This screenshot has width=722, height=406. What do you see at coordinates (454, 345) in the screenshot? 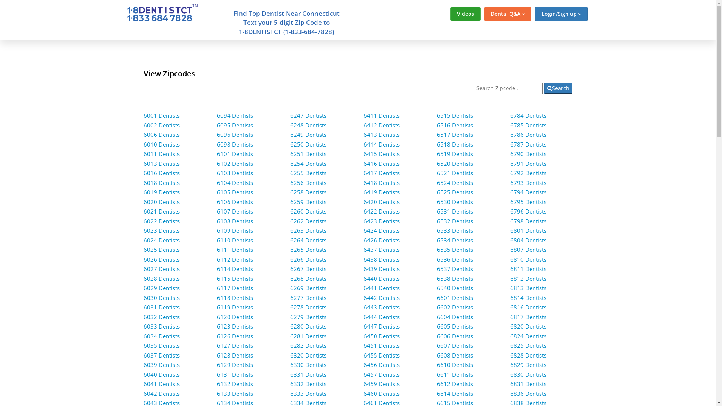
I see `'6607 Dentists'` at bounding box center [454, 345].